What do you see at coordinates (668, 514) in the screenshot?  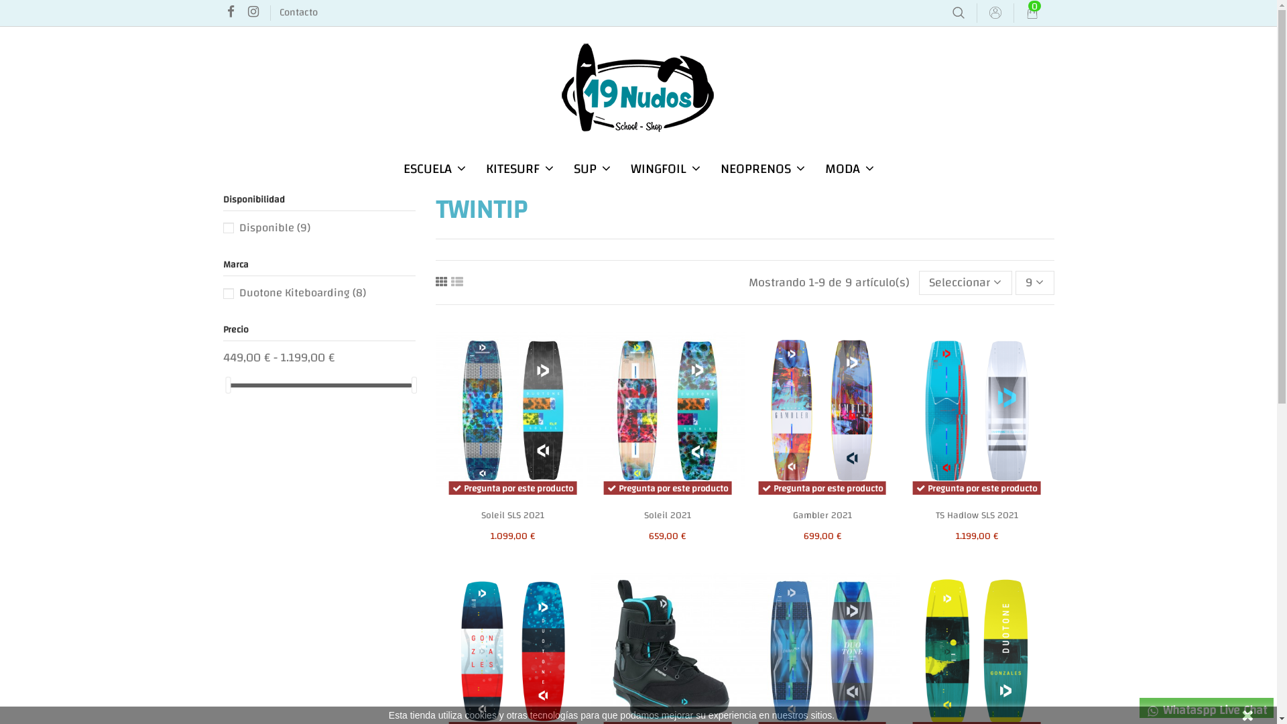 I see `'Soleil 2021'` at bounding box center [668, 514].